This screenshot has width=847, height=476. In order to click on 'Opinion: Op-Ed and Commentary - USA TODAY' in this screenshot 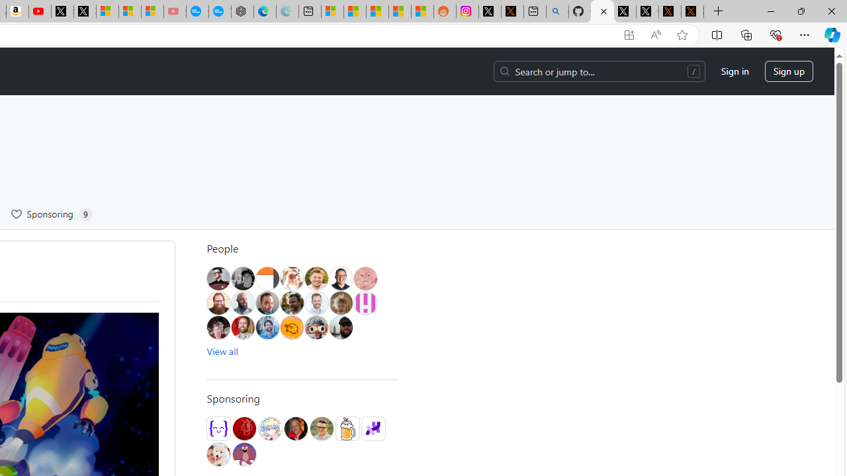, I will do `click(197, 11)`.